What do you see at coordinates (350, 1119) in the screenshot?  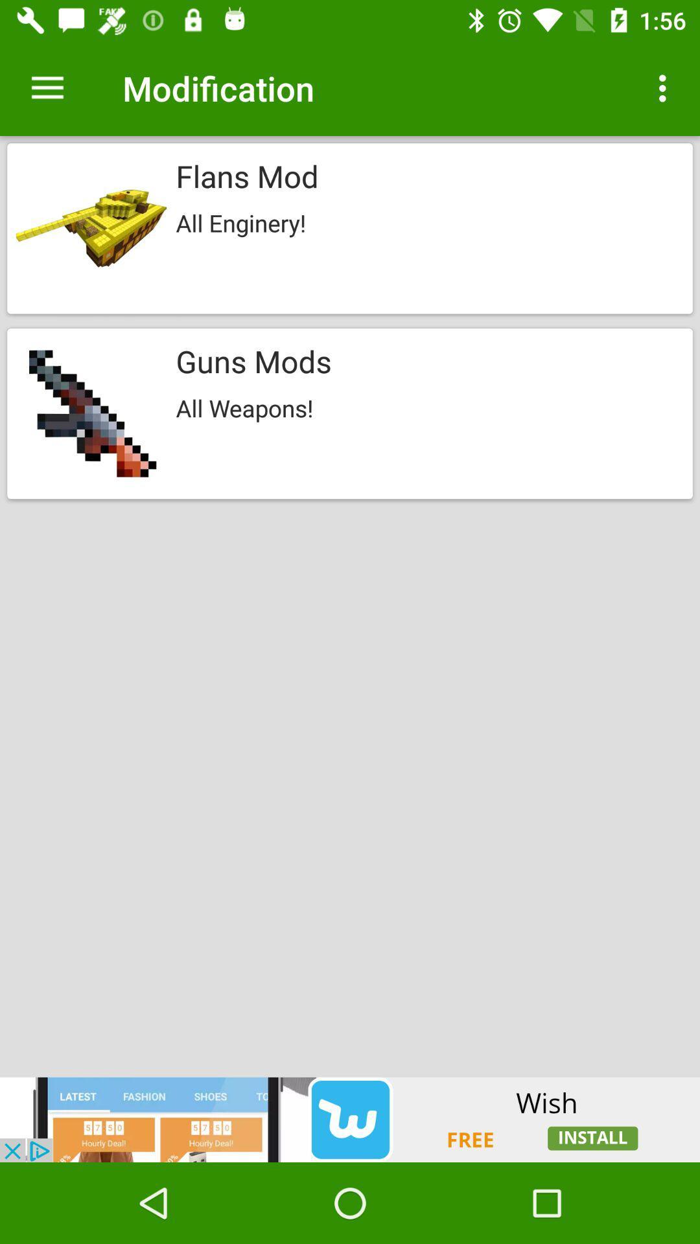 I see `advertisement` at bounding box center [350, 1119].